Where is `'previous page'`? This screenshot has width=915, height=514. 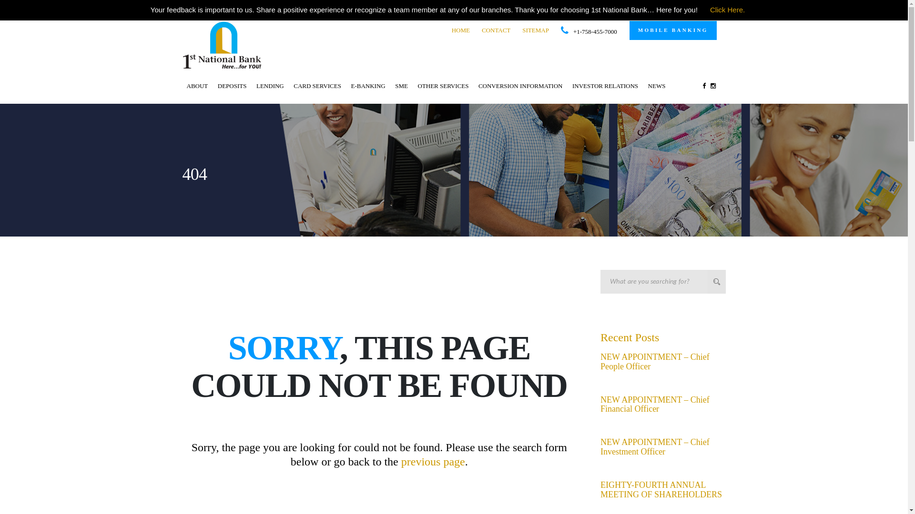
'previous page' is located at coordinates (432, 461).